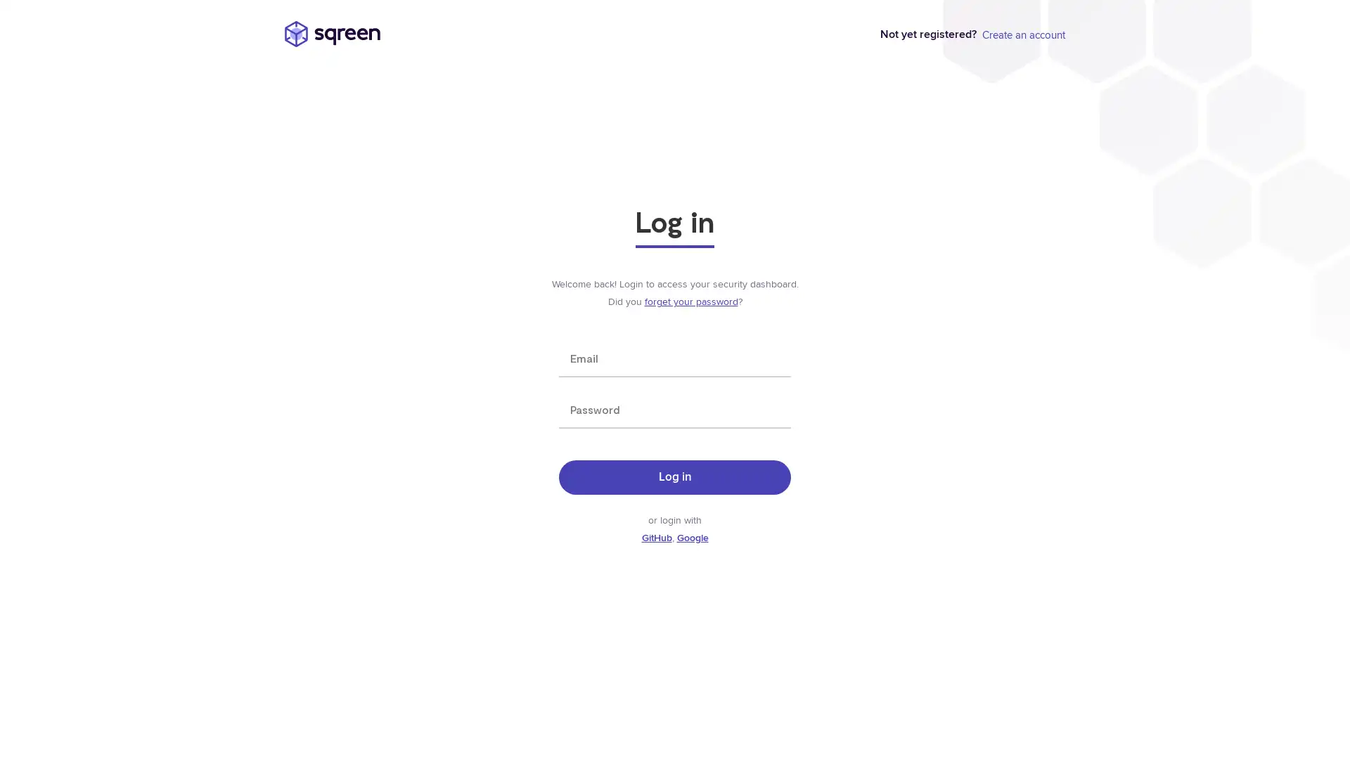 The image size is (1350, 759). What do you see at coordinates (675, 476) in the screenshot?
I see `Log in` at bounding box center [675, 476].